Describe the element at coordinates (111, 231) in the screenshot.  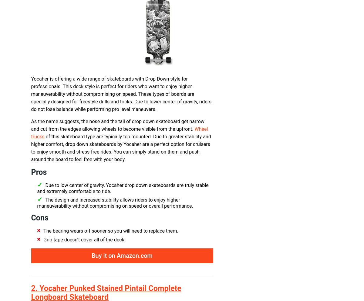
I see `'The bearing wears off sooner so you will need to replace them.'` at that location.